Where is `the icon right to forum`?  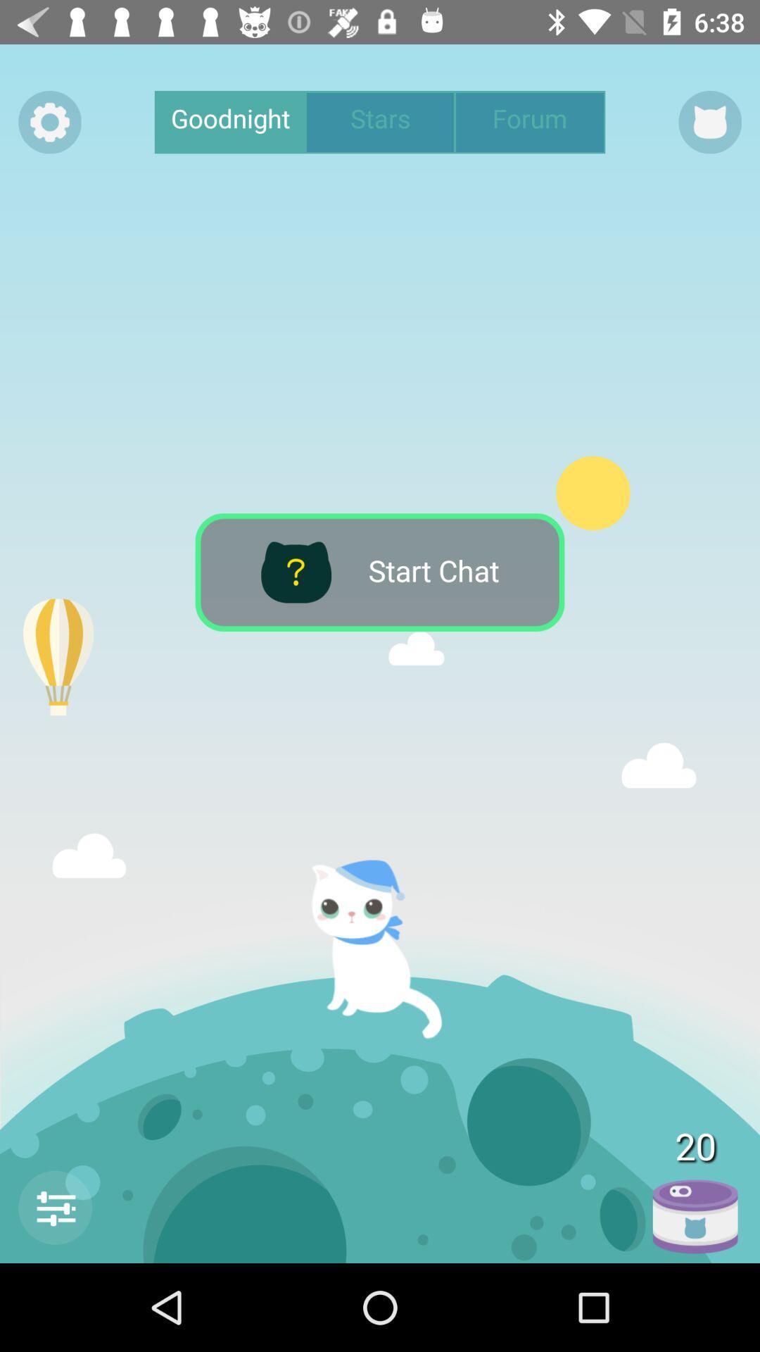 the icon right to forum is located at coordinates (710, 122).